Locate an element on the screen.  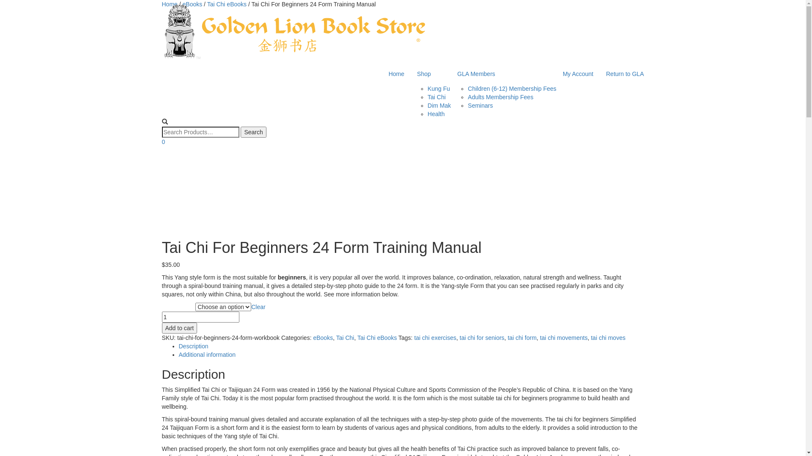
'tai chi form' is located at coordinates (507, 337).